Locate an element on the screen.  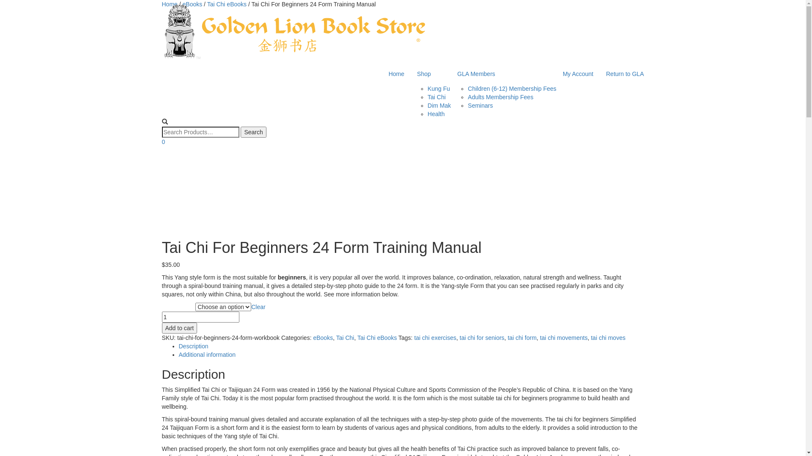
'tai chi form' is located at coordinates (507, 337).